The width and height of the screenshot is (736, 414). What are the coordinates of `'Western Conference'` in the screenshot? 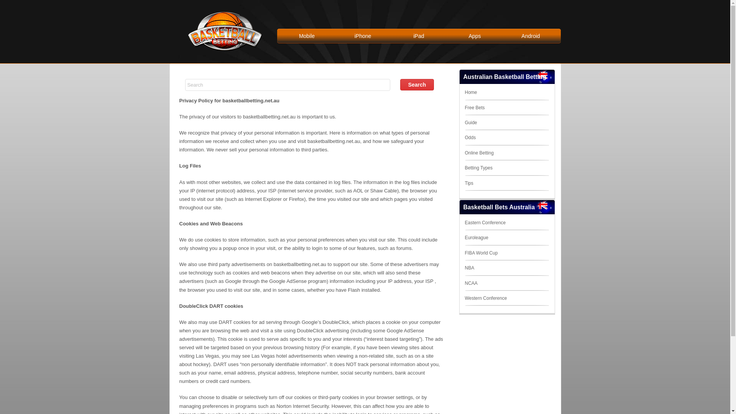 It's located at (464, 298).